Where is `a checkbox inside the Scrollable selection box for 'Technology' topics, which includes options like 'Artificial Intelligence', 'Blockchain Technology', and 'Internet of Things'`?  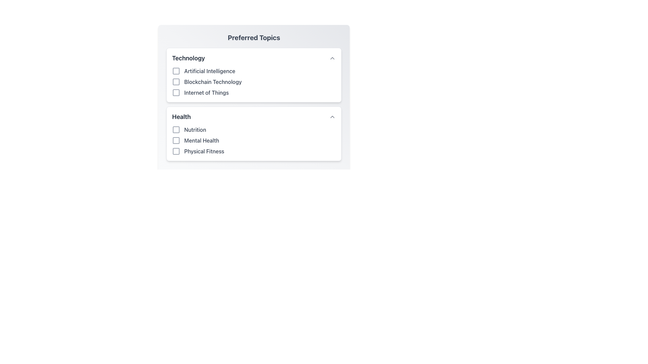
a checkbox inside the Scrollable selection box for 'Technology' topics, which includes options like 'Artificial Intelligence', 'Blockchain Technology', and 'Internet of Things' is located at coordinates (253, 93).